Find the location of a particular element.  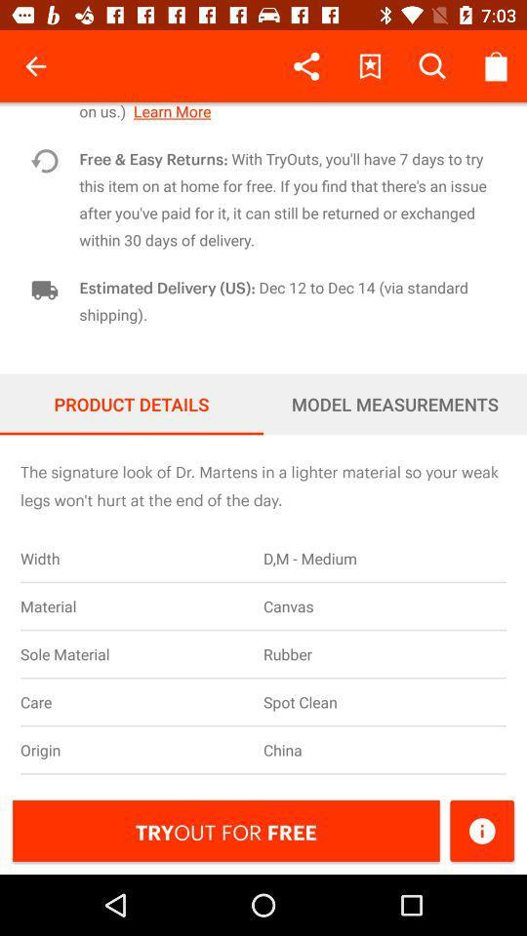

more info is located at coordinates (481, 830).